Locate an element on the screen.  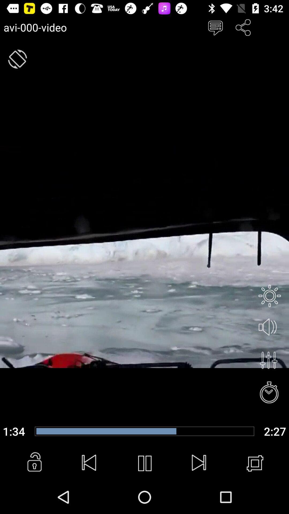
lock button is located at coordinates (34, 463).